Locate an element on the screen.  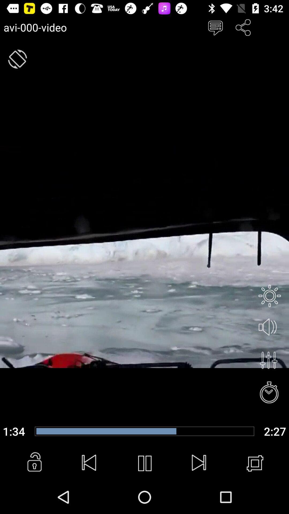
lock button is located at coordinates (34, 463).